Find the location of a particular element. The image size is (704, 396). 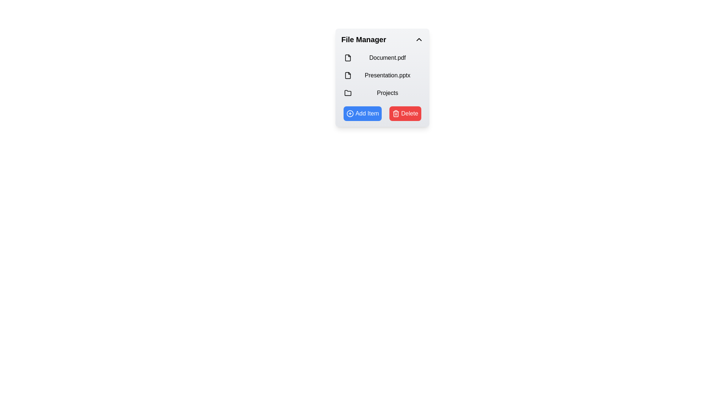

the document file icon, which is a small icon with black line art and rounded corners, located next to the text 'Document.pdf' in the 'File Manager' panel is located at coordinates (348, 58).